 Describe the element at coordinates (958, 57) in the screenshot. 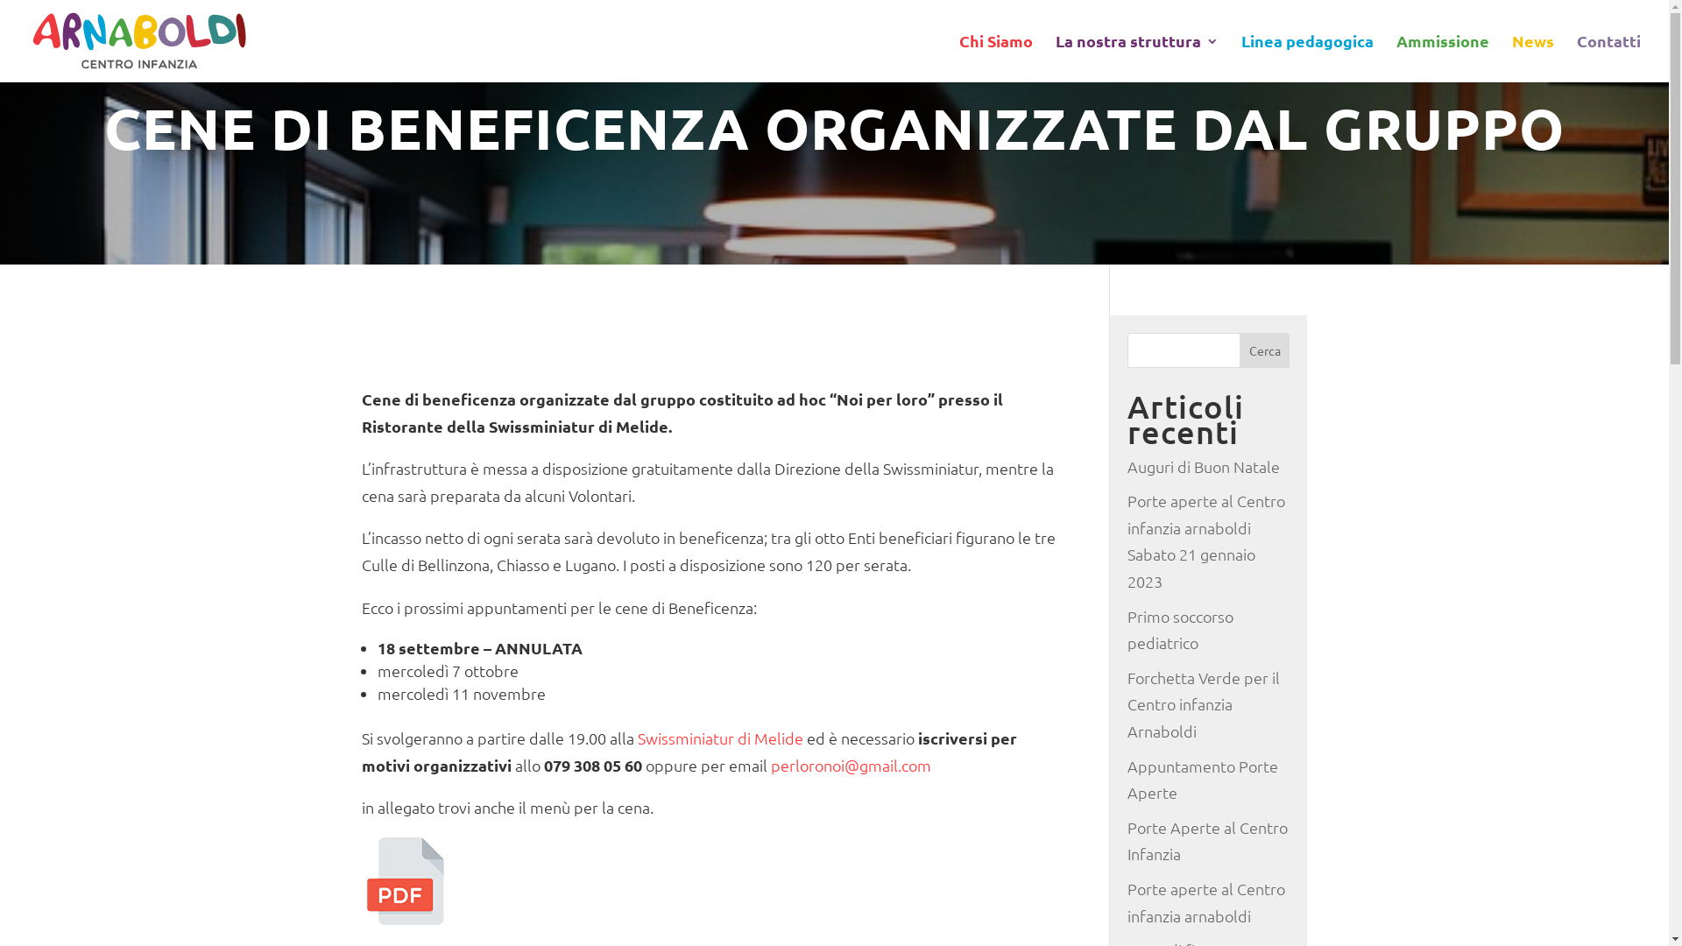

I see `'Chi Siamo'` at that location.